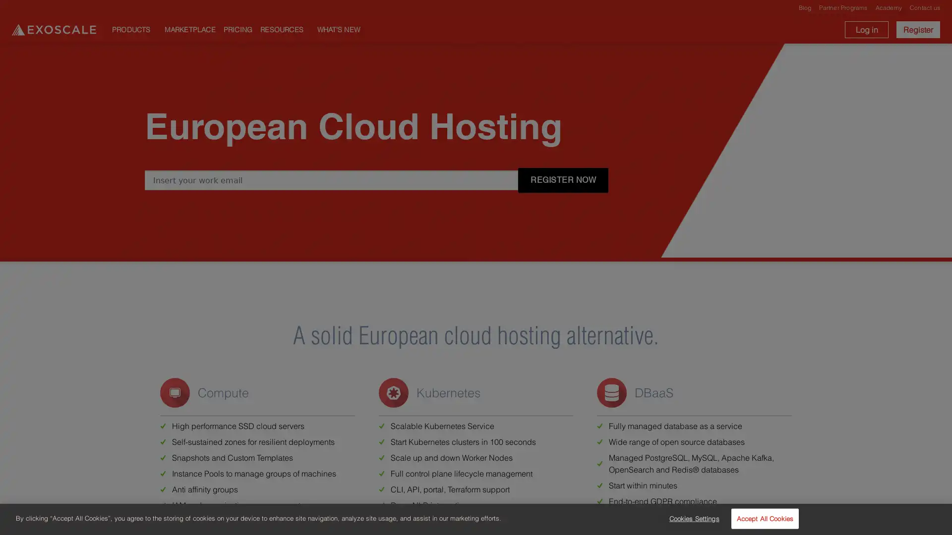  Describe the element at coordinates (563, 180) in the screenshot. I see `REGISTER NOW` at that location.